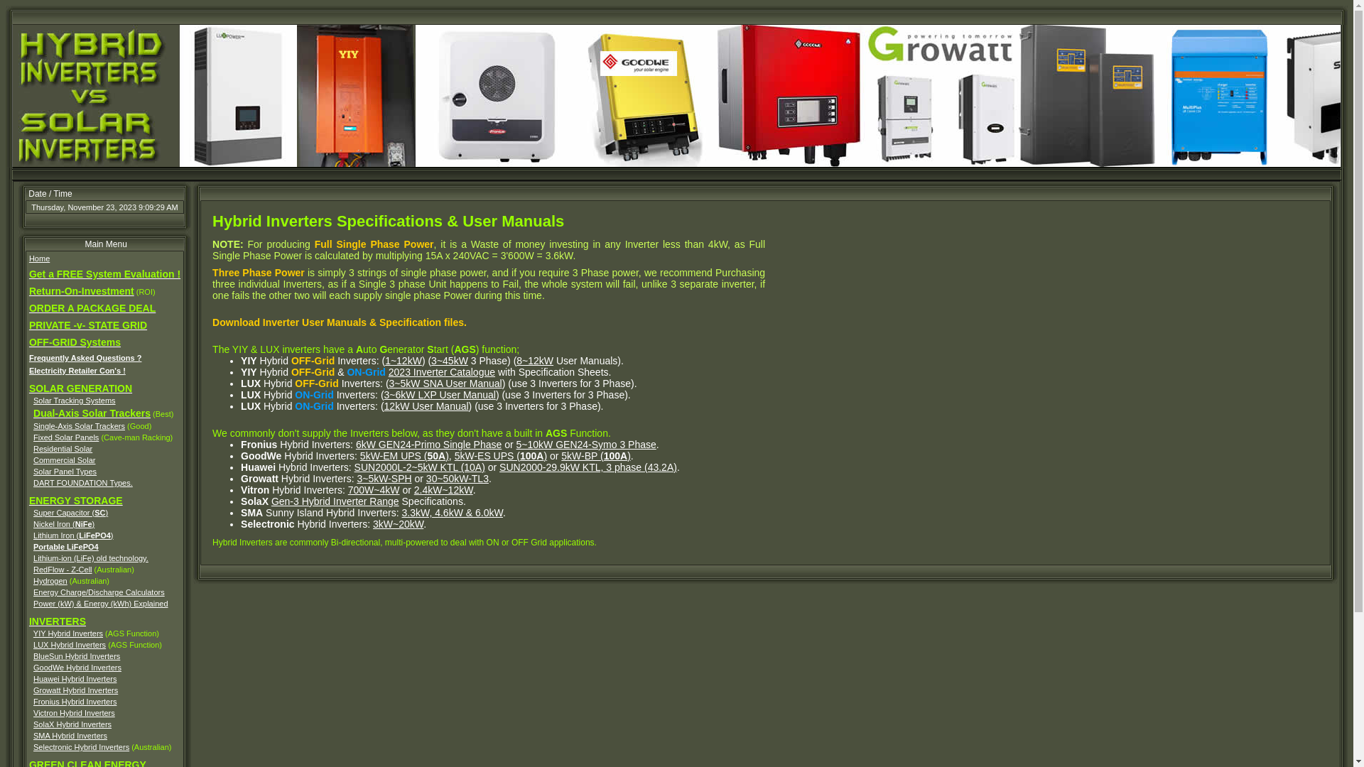 The width and height of the screenshot is (1364, 767). Describe the element at coordinates (452, 512) in the screenshot. I see `'3.3kW, 4.6kW & 6.0kW'` at that location.